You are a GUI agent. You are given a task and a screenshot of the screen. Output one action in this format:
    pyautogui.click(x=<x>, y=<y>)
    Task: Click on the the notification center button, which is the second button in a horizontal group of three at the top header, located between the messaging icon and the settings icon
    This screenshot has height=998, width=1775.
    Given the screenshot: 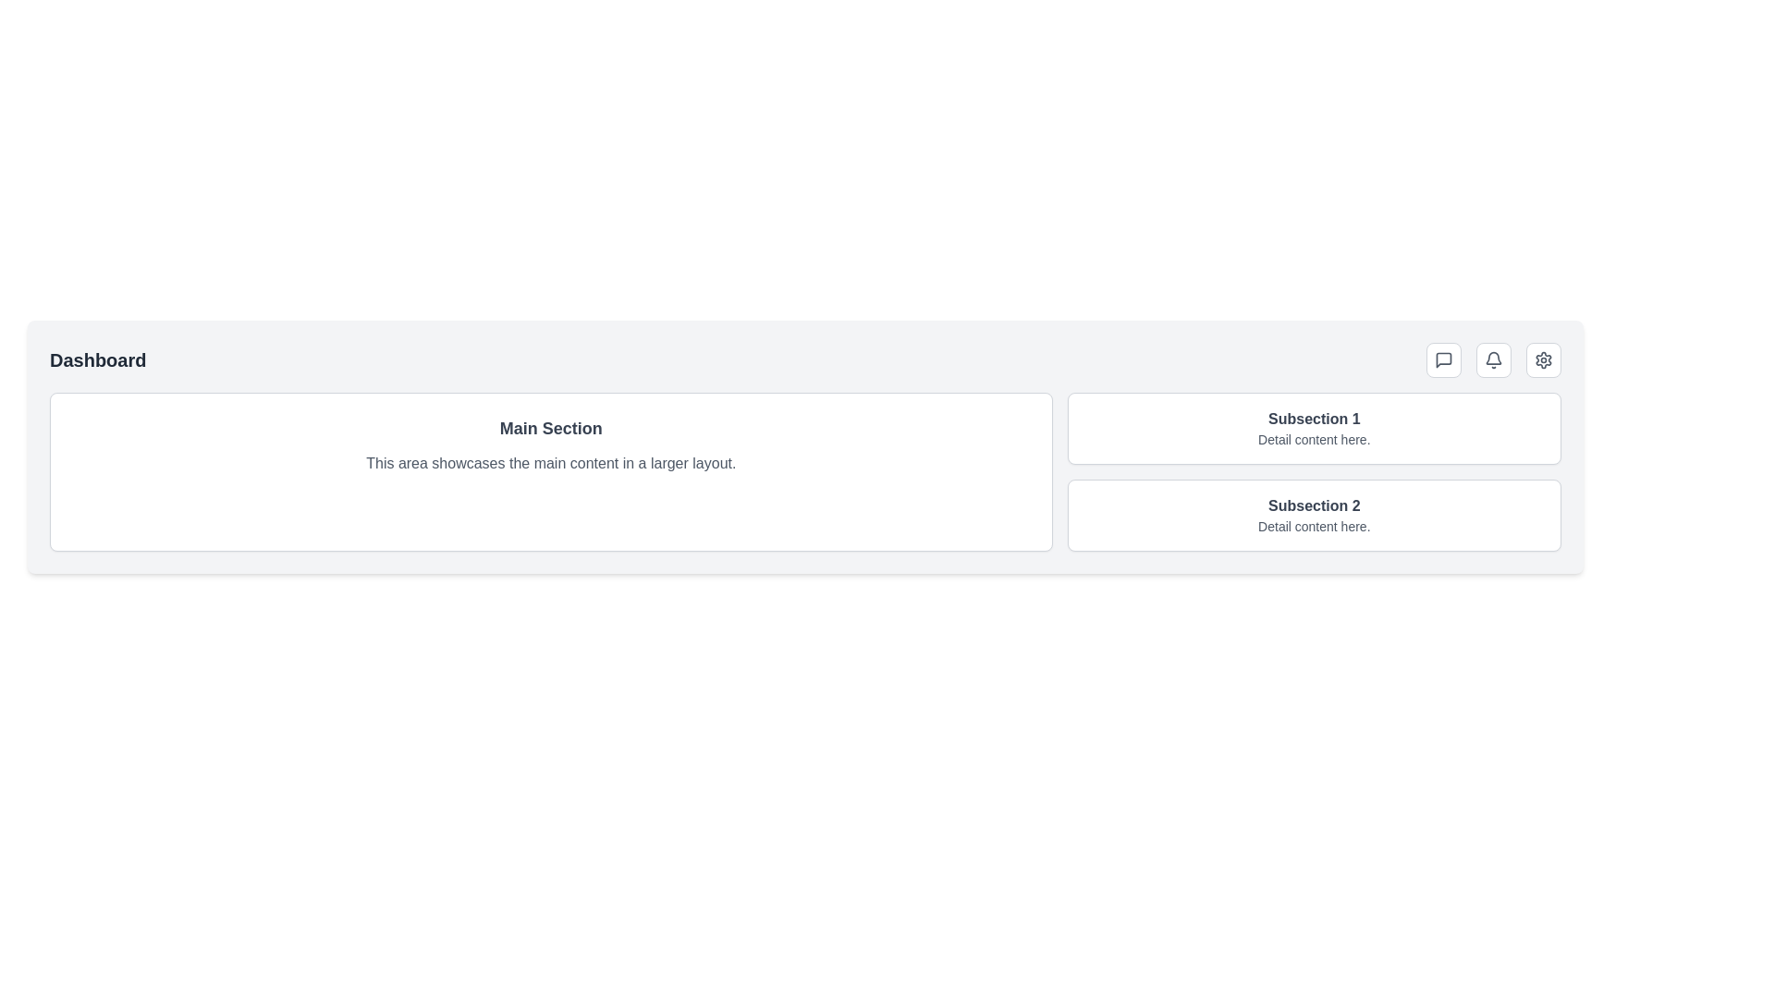 What is the action you would take?
    pyautogui.click(x=1494, y=359)
    